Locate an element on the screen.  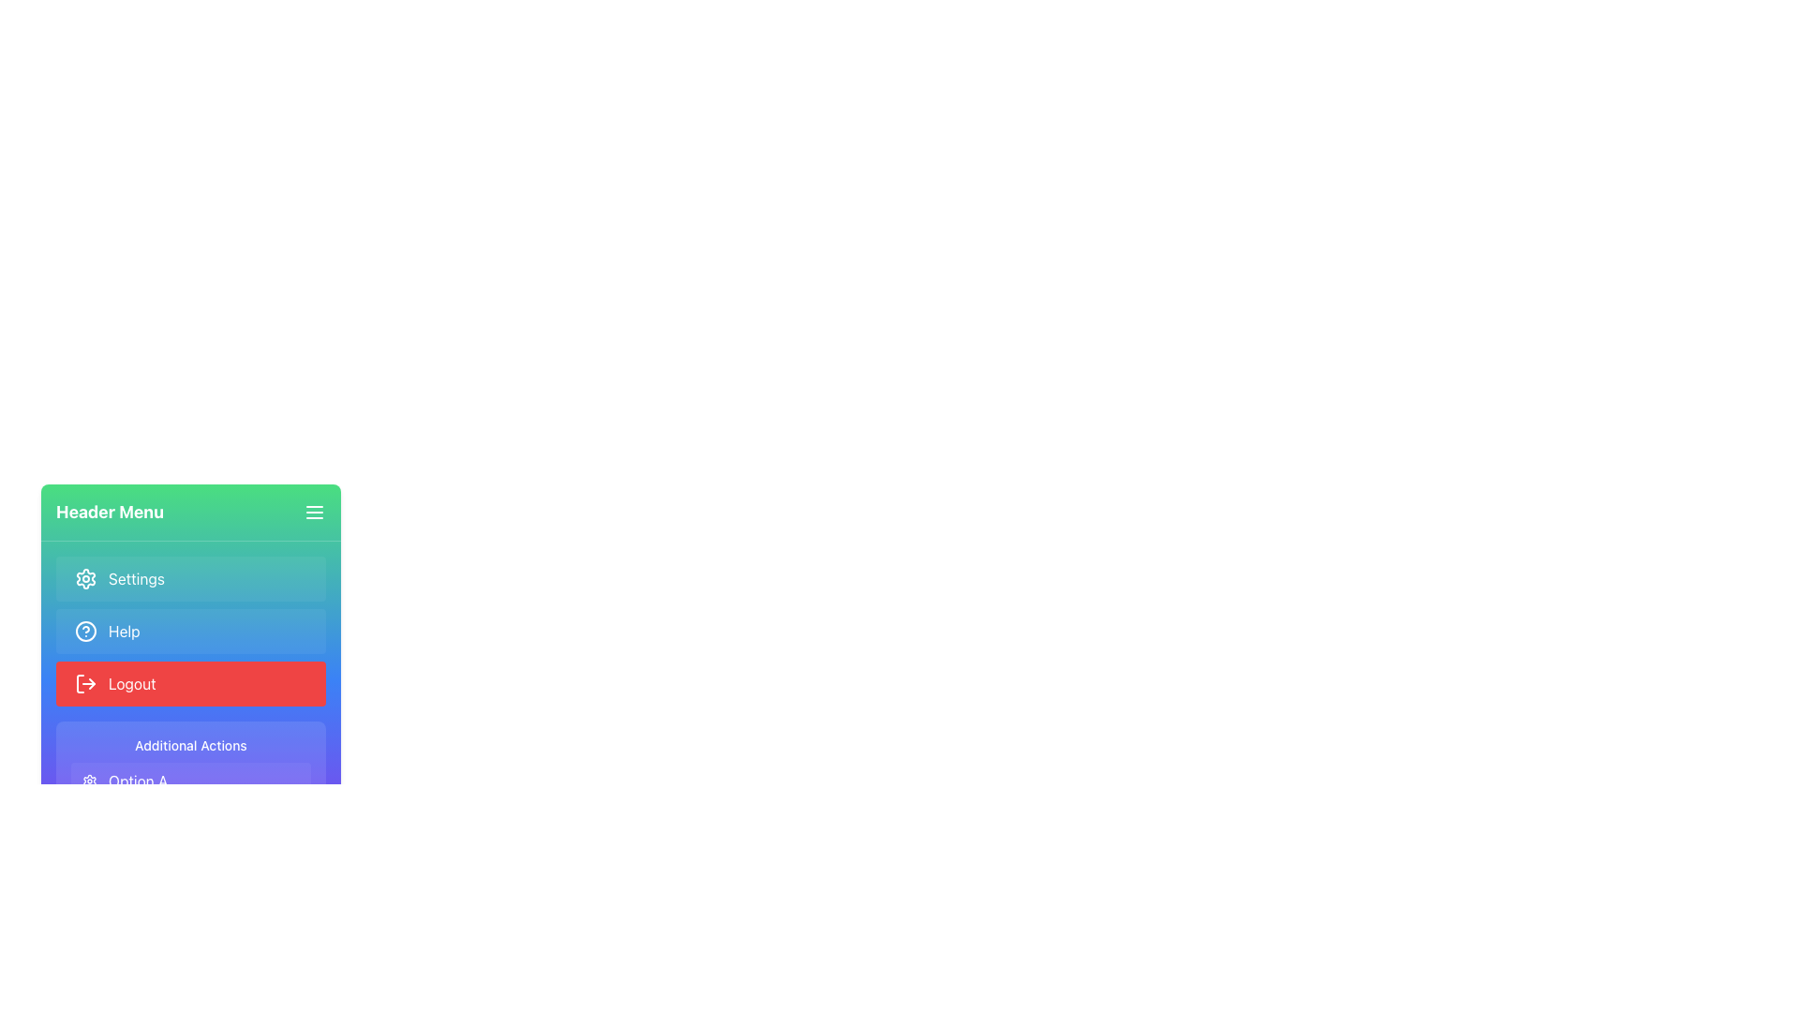
the 'Logout' button, which is the third item in the column of interactive buttons in the menu section, to initiate logout from the application is located at coordinates (190, 683).